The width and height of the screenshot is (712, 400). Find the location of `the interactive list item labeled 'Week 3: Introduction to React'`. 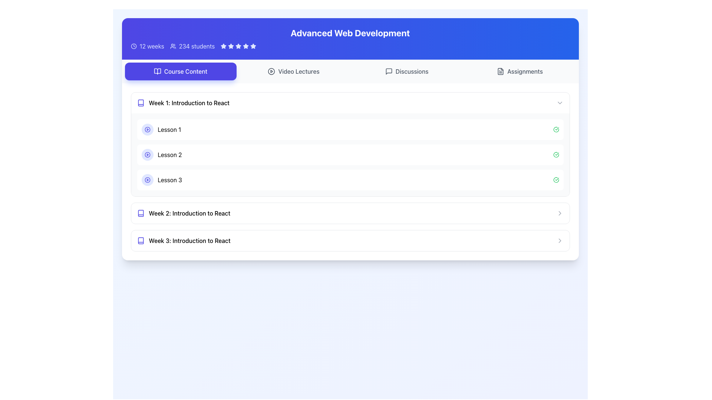

the interactive list item labeled 'Week 3: Introduction to React' is located at coordinates (350, 241).